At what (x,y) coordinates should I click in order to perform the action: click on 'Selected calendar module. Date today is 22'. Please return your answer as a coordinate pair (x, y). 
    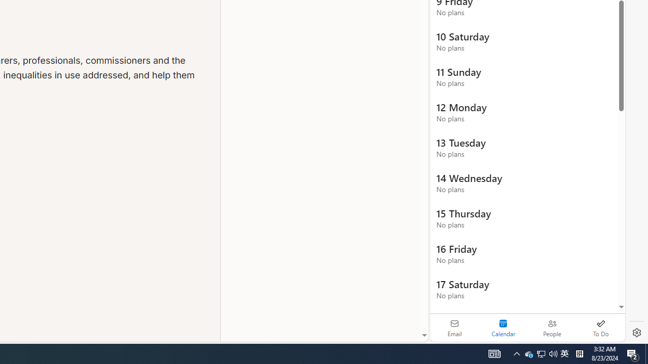
    Looking at the image, I should click on (503, 328).